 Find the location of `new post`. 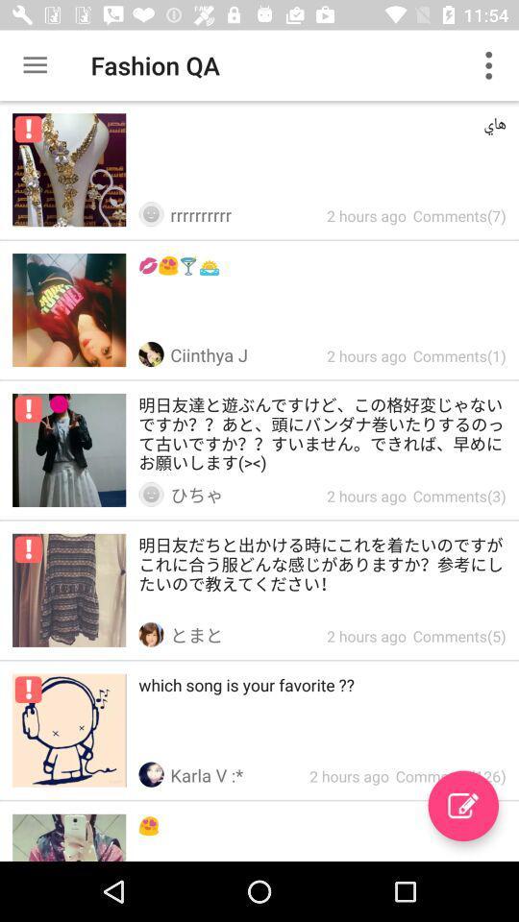

new post is located at coordinates (462, 806).